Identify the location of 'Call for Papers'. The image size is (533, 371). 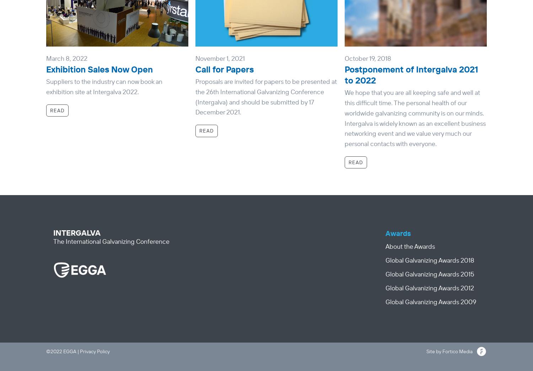
(224, 68).